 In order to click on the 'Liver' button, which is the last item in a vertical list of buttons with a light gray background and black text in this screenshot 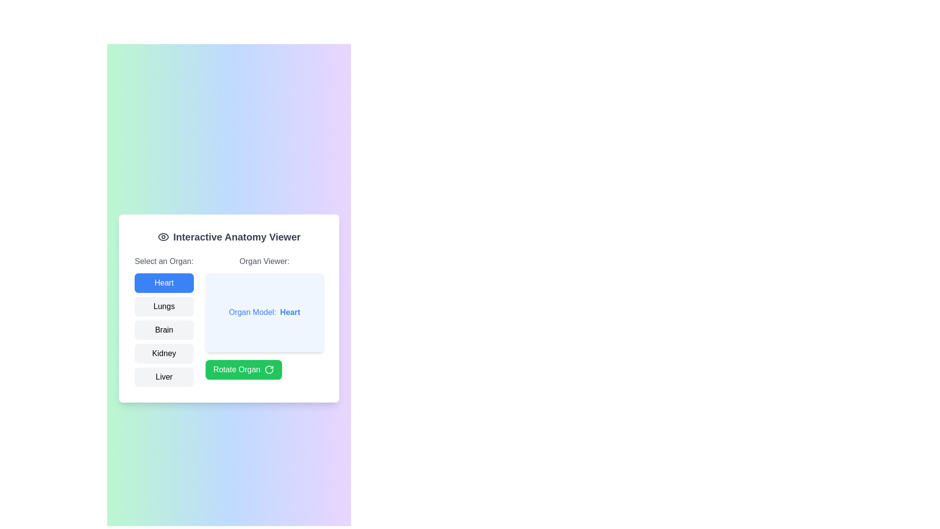, I will do `click(164, 377)`.